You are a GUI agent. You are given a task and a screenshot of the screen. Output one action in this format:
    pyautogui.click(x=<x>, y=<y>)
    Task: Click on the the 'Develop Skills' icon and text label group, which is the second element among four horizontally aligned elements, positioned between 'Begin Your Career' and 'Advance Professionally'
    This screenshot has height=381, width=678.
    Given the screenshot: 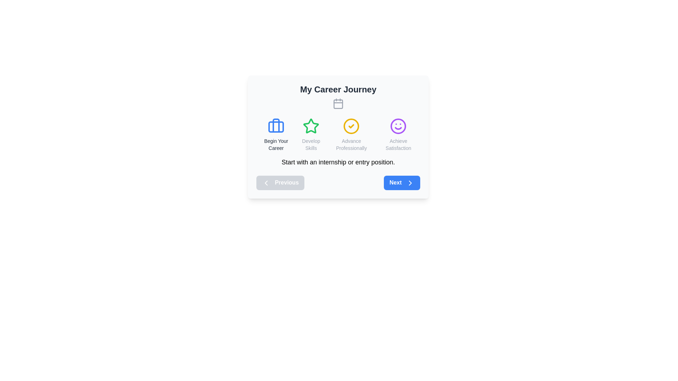 What is the action you would take?
    pyautogui.click(x=311, y=134)
    